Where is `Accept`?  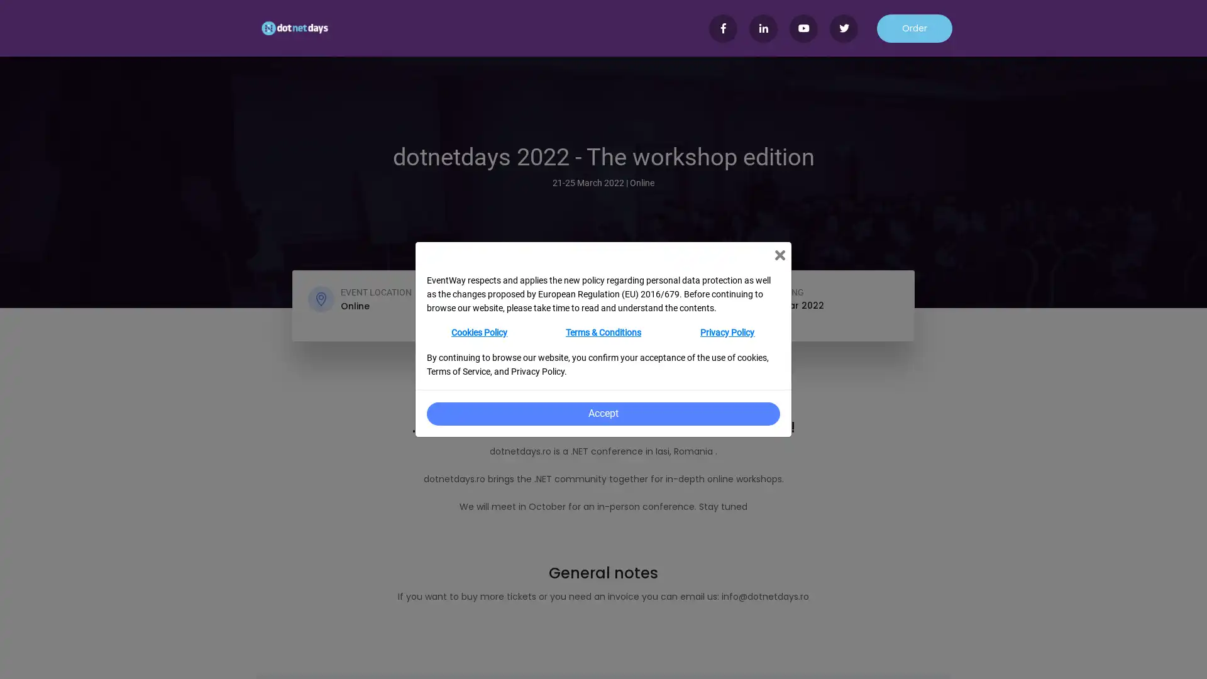 Accept is located at coordinates (602, 414).